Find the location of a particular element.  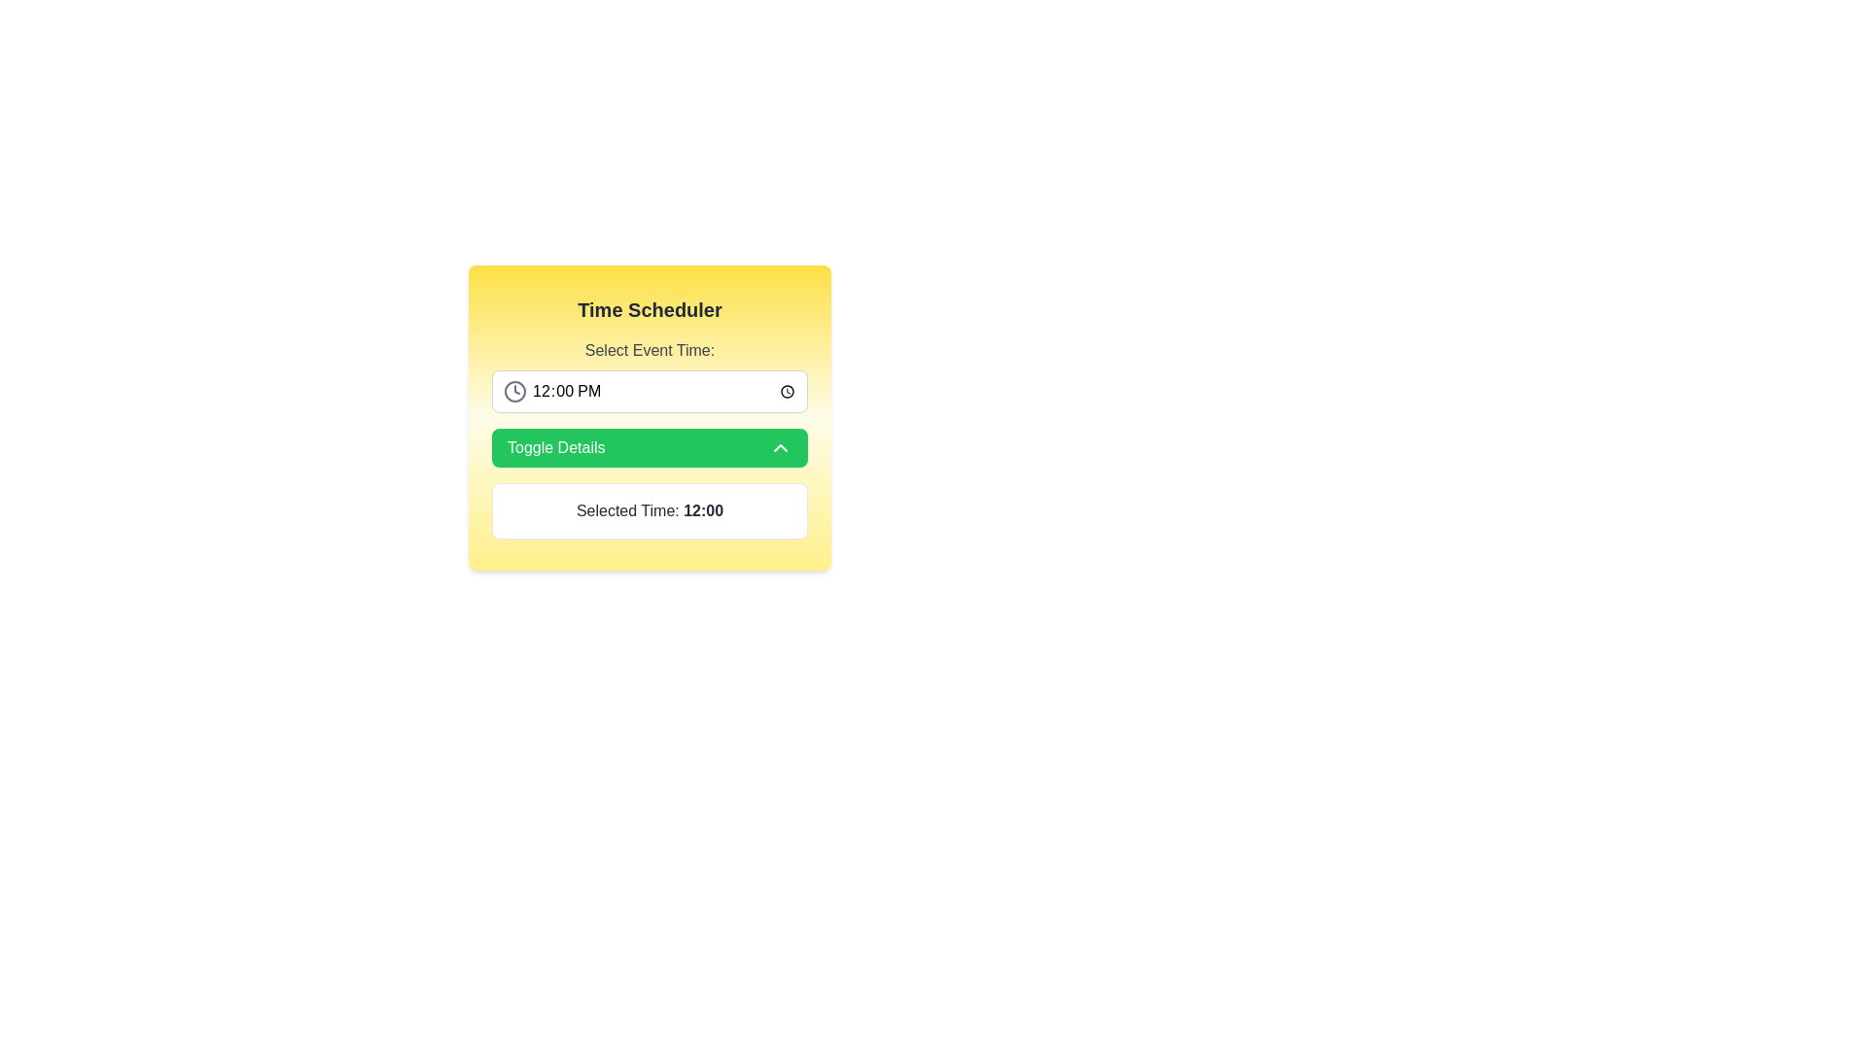

the outer circular component of the clock icon, which visually represents time-related functionality and is located to the left of the time selection input field is located at coordinates (514, 391).